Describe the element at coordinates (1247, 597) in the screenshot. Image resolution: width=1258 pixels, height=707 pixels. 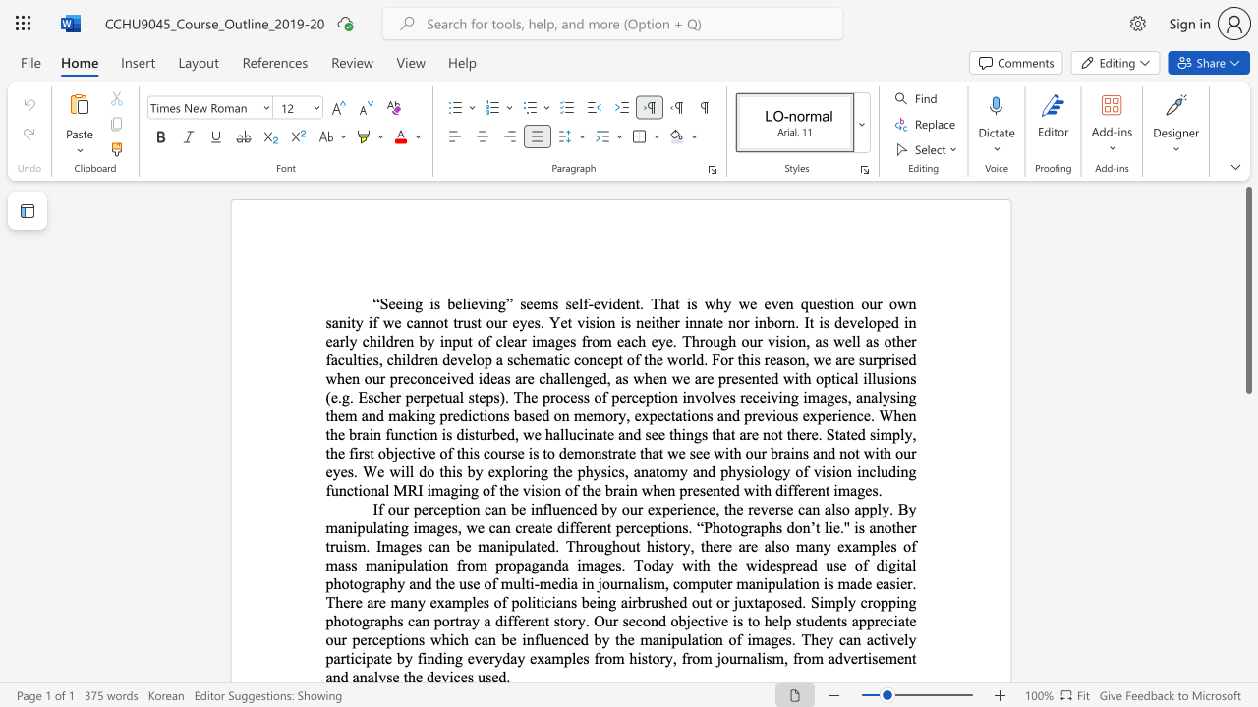
I see `the right-hand scrollbar to descend the page` at that location.